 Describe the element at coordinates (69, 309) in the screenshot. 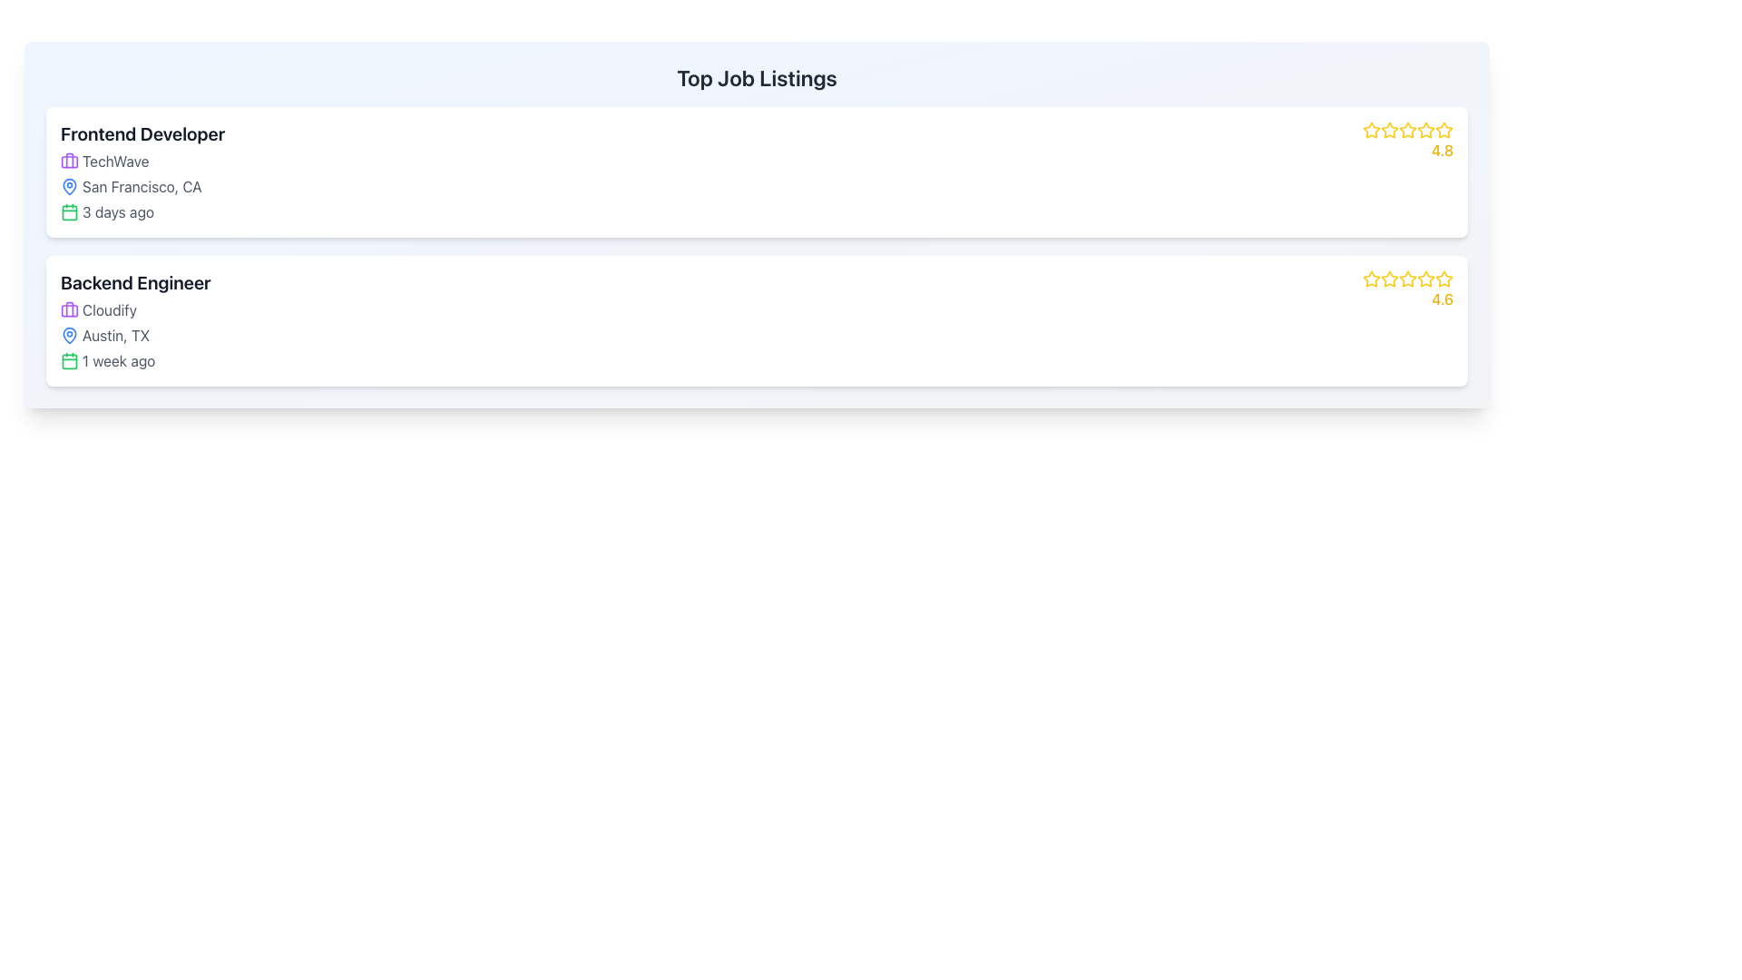

I see `the group containing the small purple briefcase icon located to the left of the 'Cloudify' text in the 'Backend Engineer' job listing` at that location.